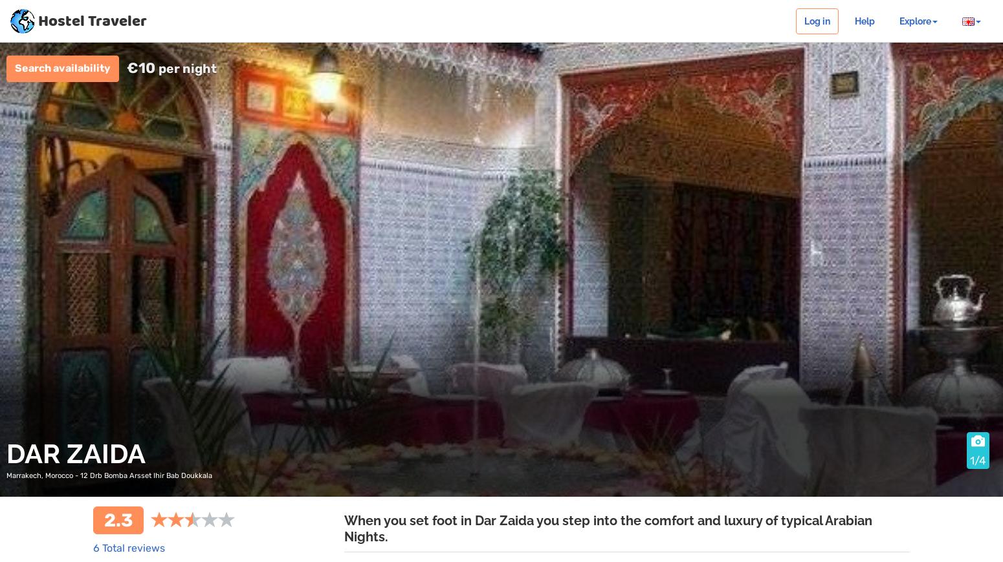  Describe the element at coordinates (128, 547) in the screenshot. I see `'6 Total reviews'` at that location.